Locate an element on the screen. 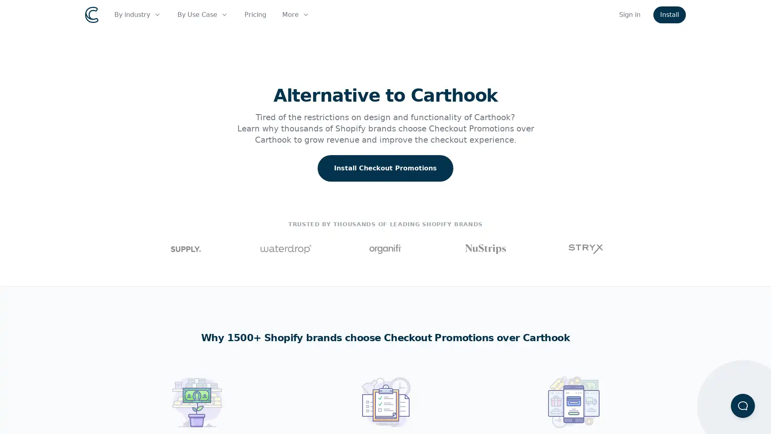 This screenshot has width=771, height=434. By industry is located at coordinates (138, 15).